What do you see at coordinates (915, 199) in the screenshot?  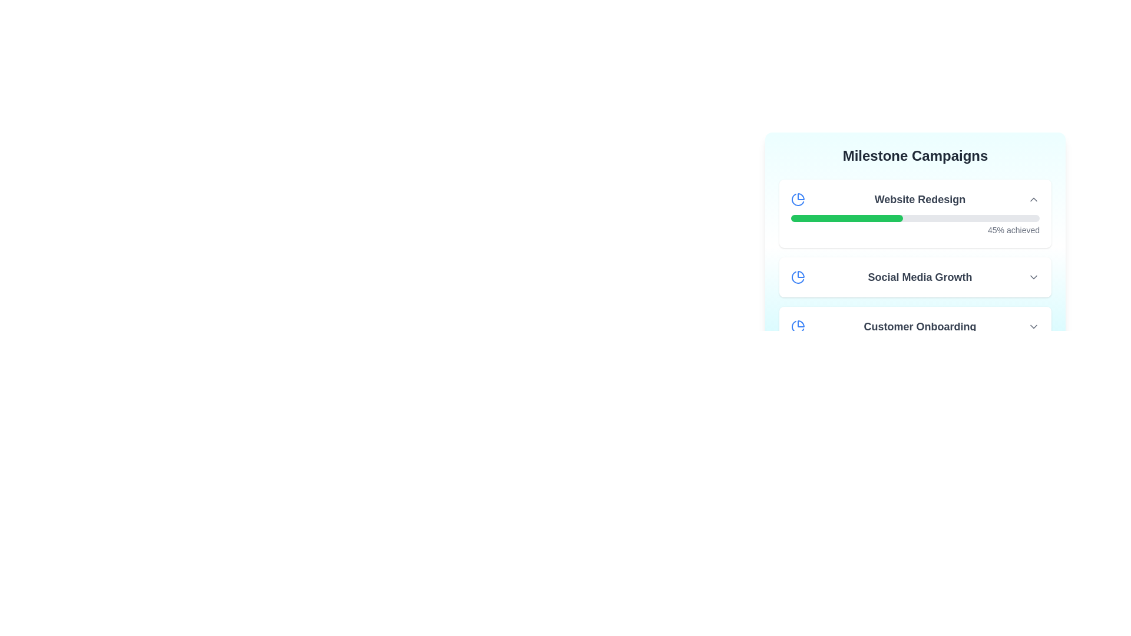 I see `displayed title of the Header Row labeled 'Website Redesign' located in the 'Milestone Campaigns' section` at bounding box center [915, 199].